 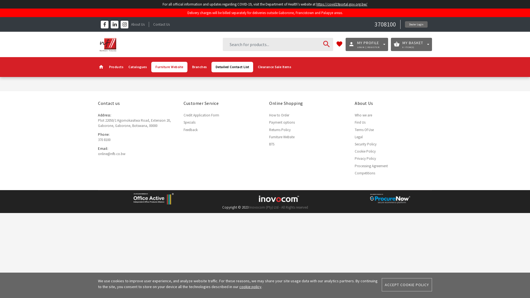 I want to click on 'cookie policy', so click(x=250, y=286).